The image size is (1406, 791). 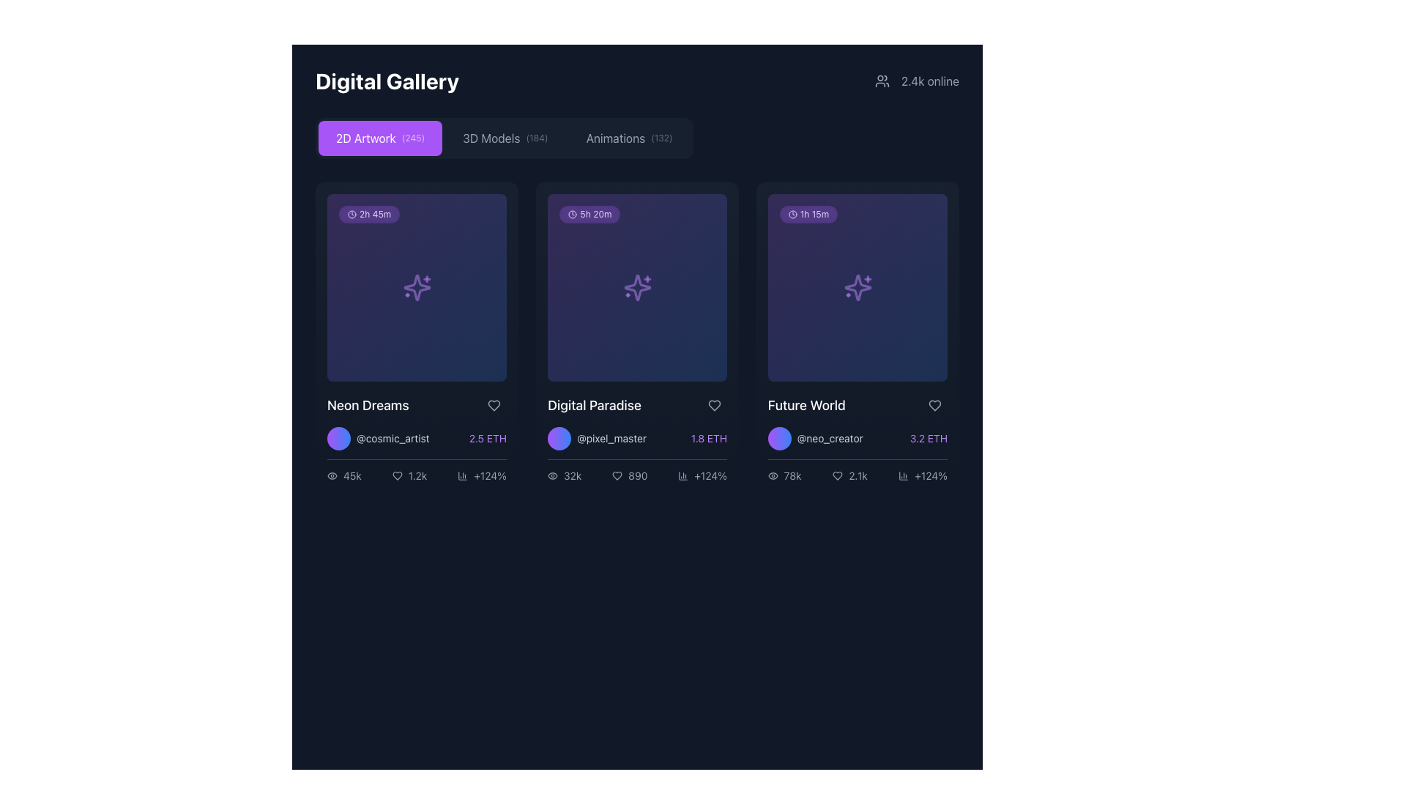 I want to click on the heart icon within the rounded button located in the bottom-right corner of the 'Future World' card to possibly focus or show more options, so click(x=934, y=406).